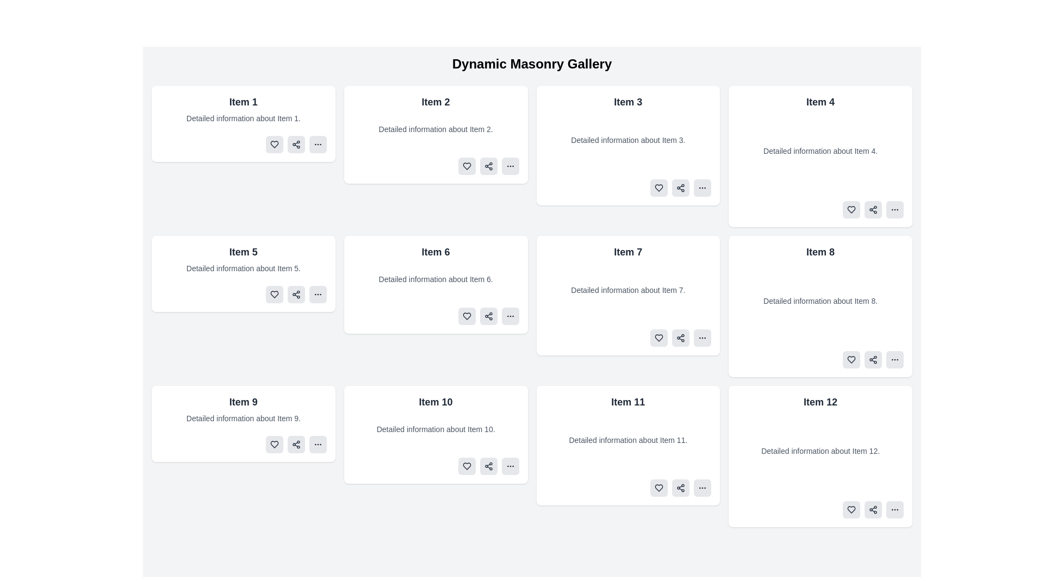 This screenshot has width=1044, height=587. Describe the element at coordinates (658, 488) in the screenshot. I see `the heart icon representing 'like' functionality located in the card labeled 'Item 11'` at that location.